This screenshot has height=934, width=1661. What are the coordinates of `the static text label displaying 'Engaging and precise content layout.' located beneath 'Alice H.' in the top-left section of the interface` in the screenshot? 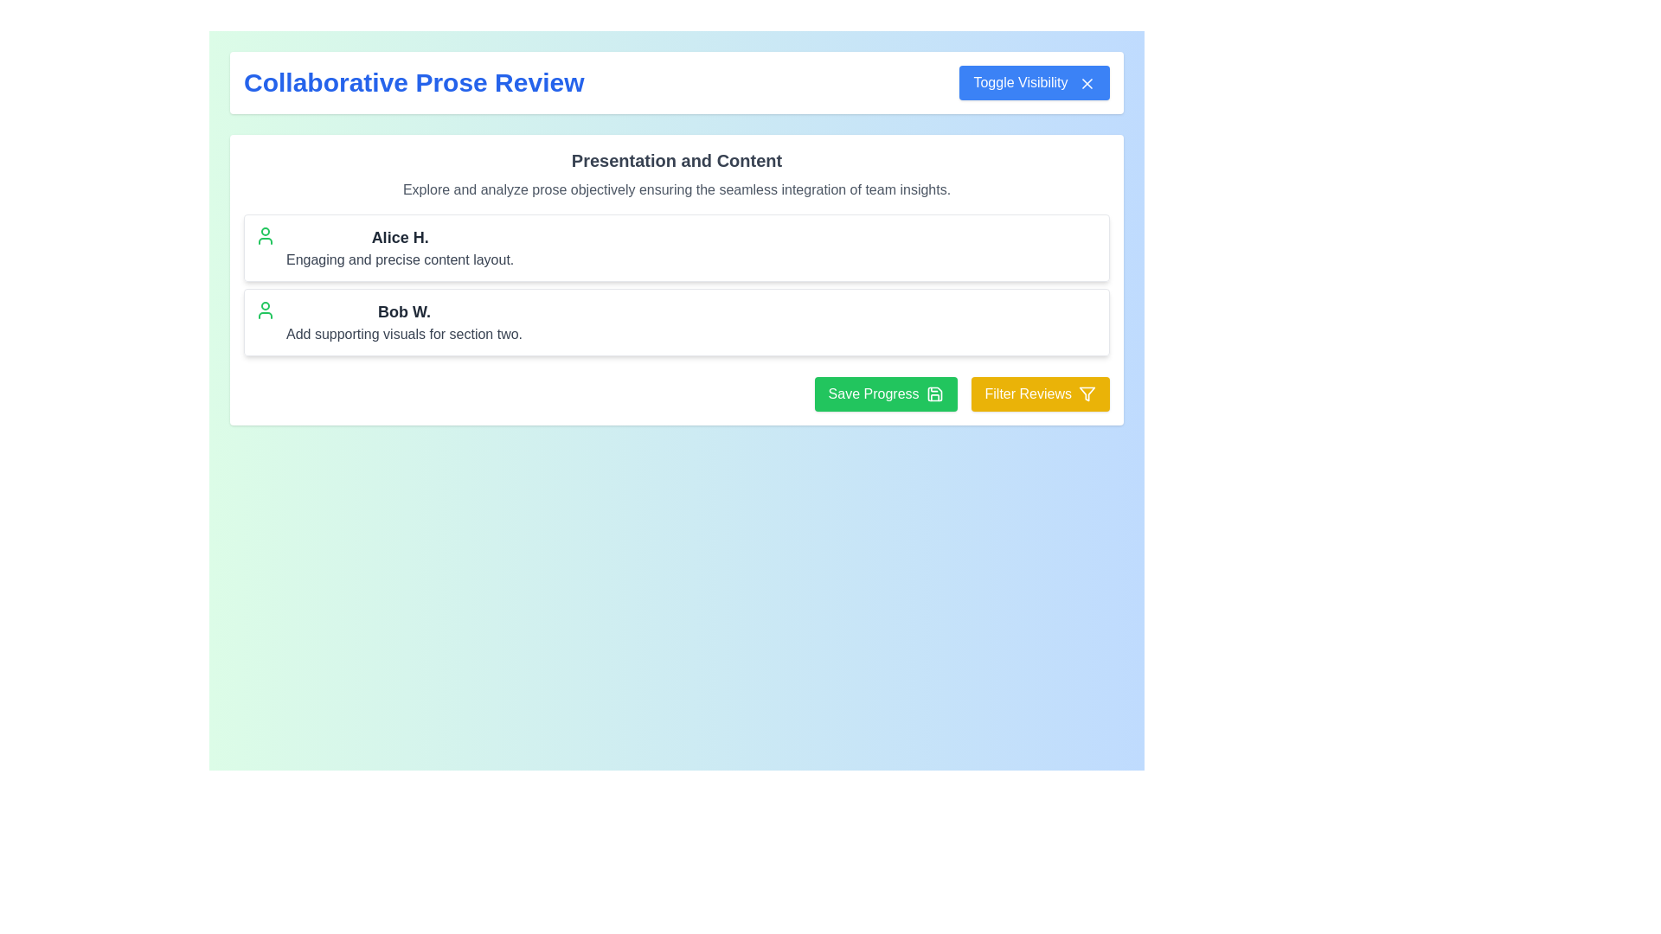 It's located at (399, 259).